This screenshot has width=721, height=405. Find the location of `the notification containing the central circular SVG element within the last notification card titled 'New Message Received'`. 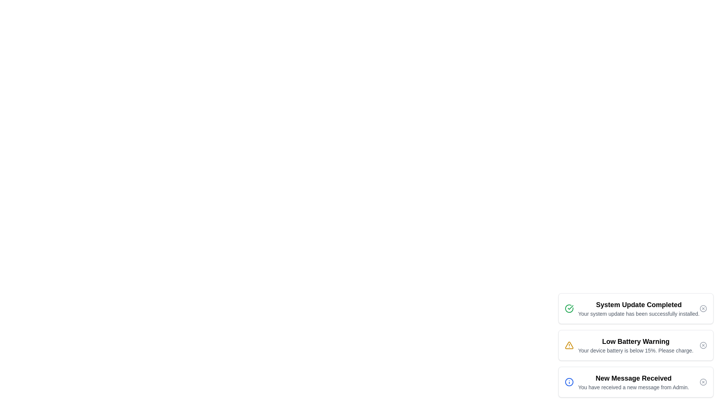

the notification containing the central circular SVG element within the last notification card titled 'New Message Received' is located at coordinates (569, 382).